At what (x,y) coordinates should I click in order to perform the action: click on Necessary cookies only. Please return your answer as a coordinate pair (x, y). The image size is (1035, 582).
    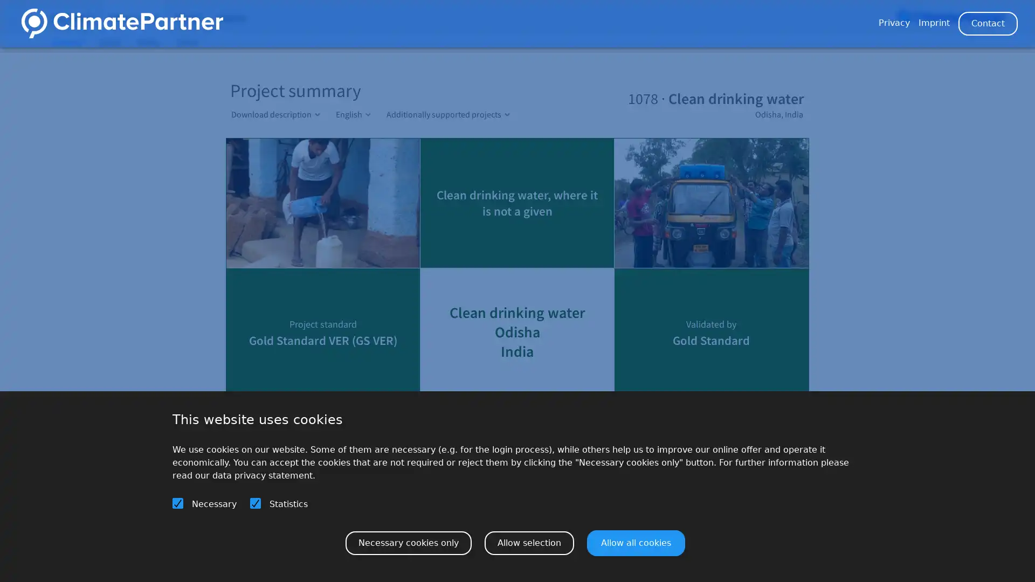
    Looking at the image, I should click on (408, 542).